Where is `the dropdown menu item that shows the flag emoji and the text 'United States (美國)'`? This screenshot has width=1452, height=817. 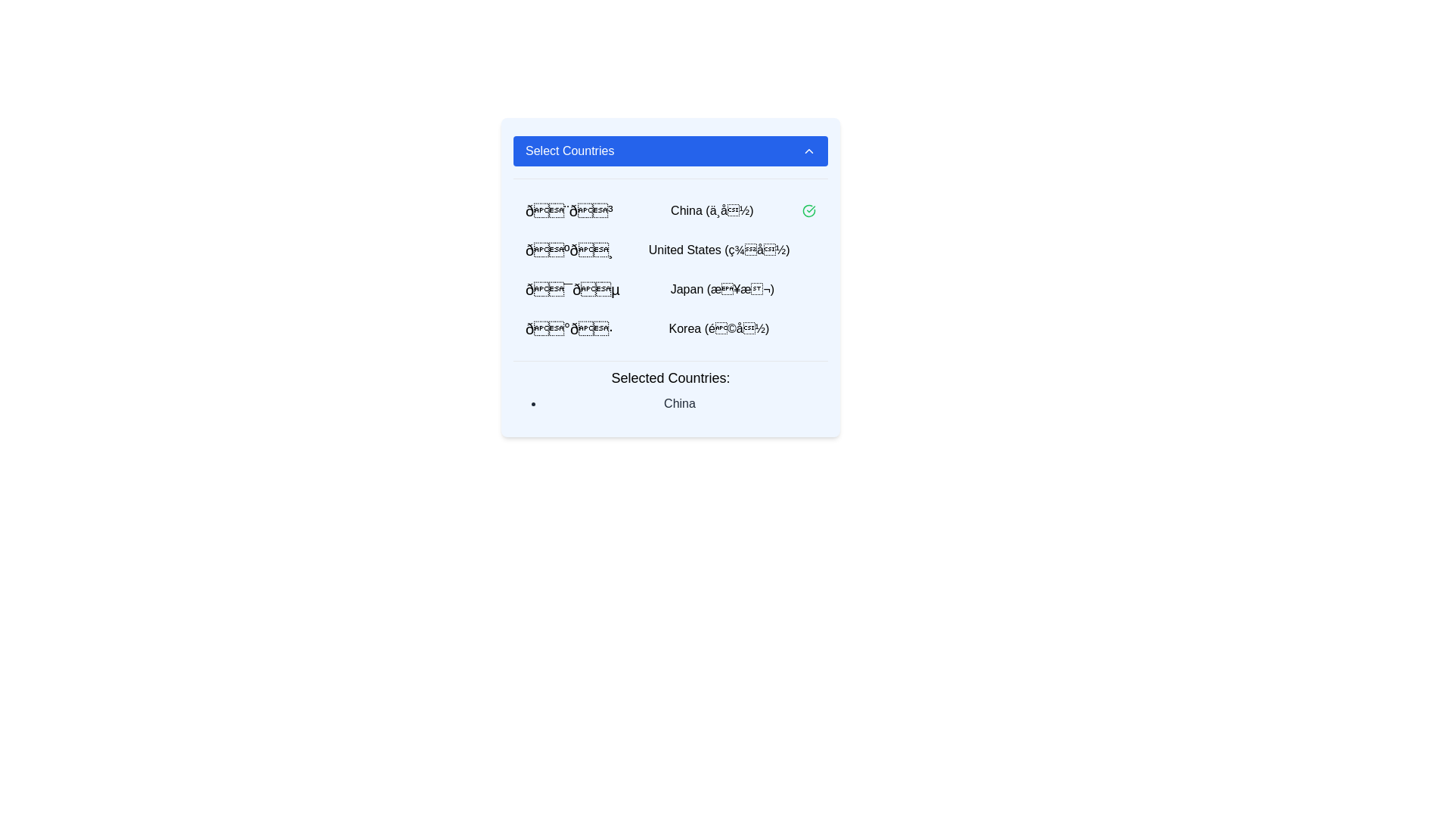
the dropdown menu item that shows the flag emoji and the text 'United States (美國)' is located at coordinates (670, 250).